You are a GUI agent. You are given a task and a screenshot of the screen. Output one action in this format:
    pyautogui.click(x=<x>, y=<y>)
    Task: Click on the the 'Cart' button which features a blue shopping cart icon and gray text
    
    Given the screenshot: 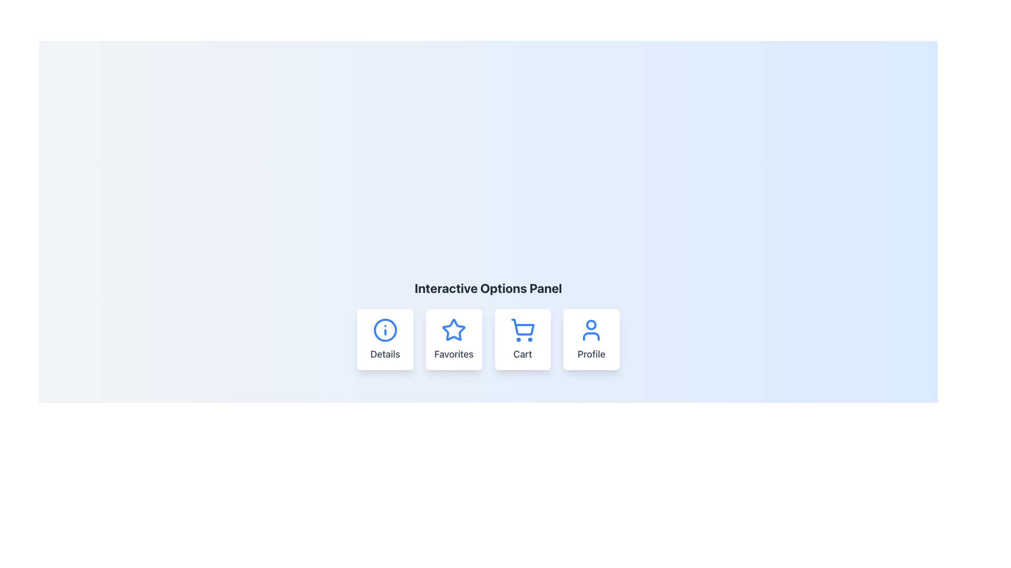 What is the action you would take?
    pyautogui.click(x=522, y=339)
    